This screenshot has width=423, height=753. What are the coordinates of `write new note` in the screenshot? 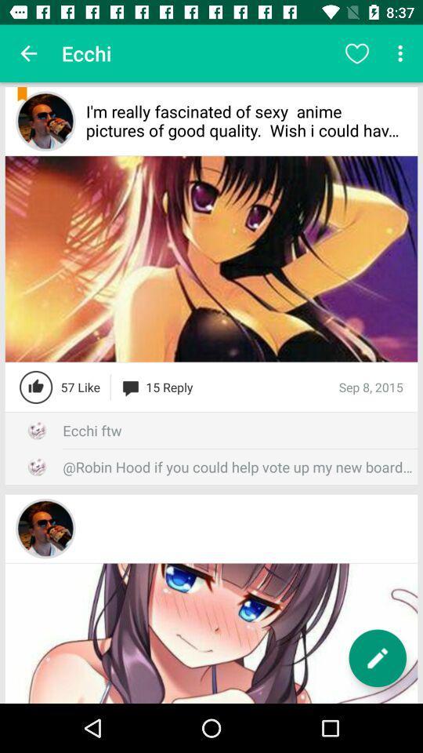 It's located at (377, 658).